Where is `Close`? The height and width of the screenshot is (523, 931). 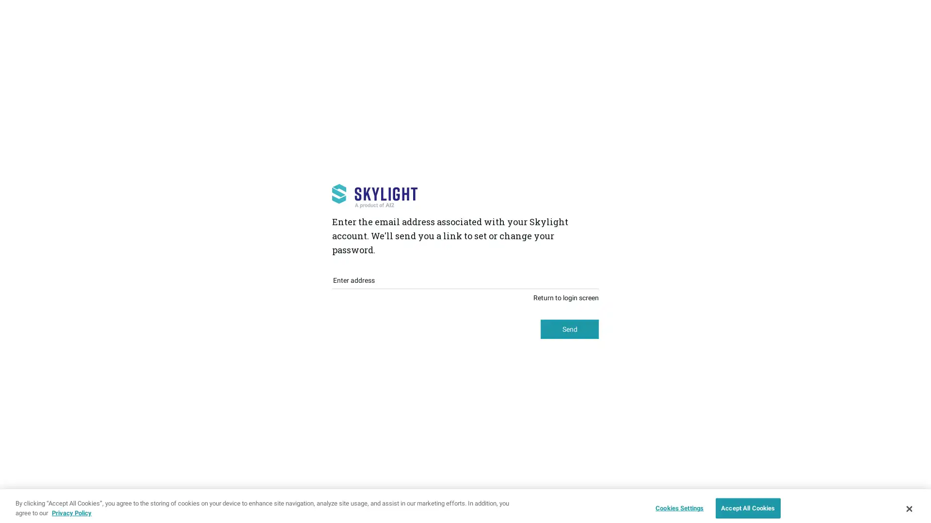
Close is located at coordinates (908, 502).